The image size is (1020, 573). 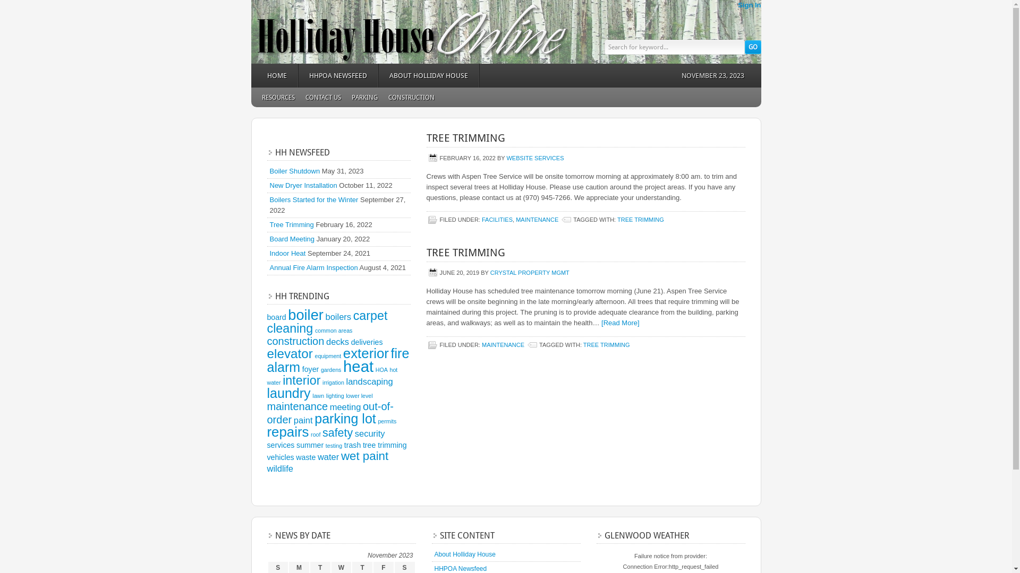 What do you see at coordinates (276, 316) in the screenshot?
I see `'board'` at bounding box center [276, 316].